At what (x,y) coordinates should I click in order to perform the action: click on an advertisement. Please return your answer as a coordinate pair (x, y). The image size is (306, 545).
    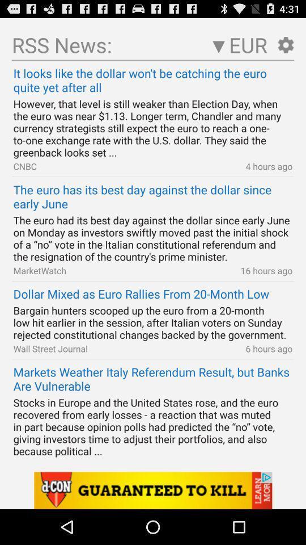
    Looking at the image, I should click on (153, 490).